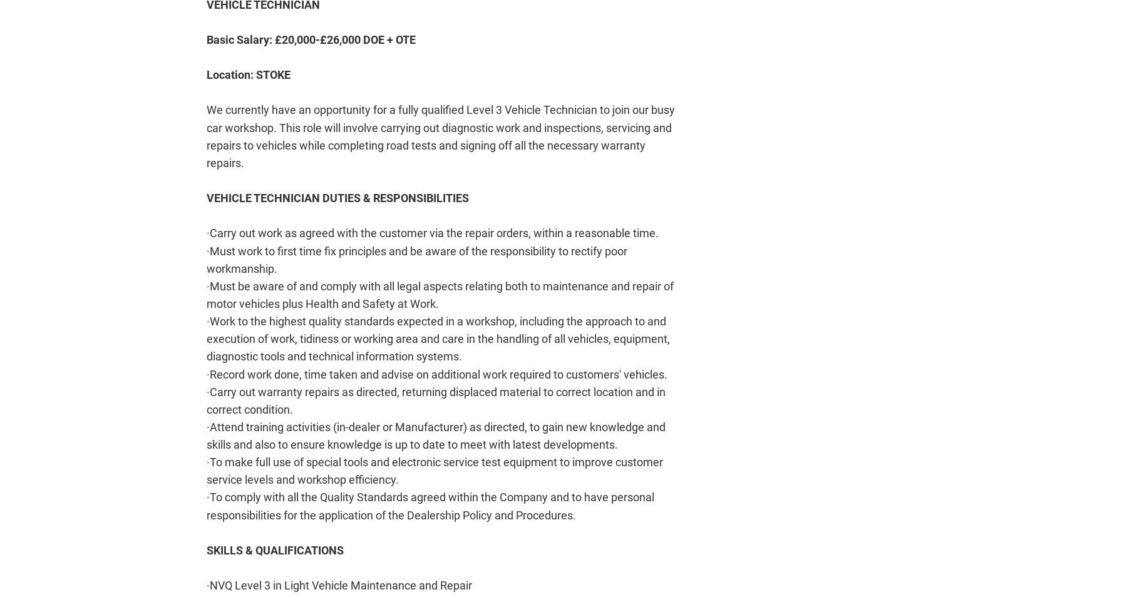  Describe the element at coordinates (310, 38) in the screenshot. I see `'Basic Salary: £20,000-£26,000 DOE + OTE'` at that location.